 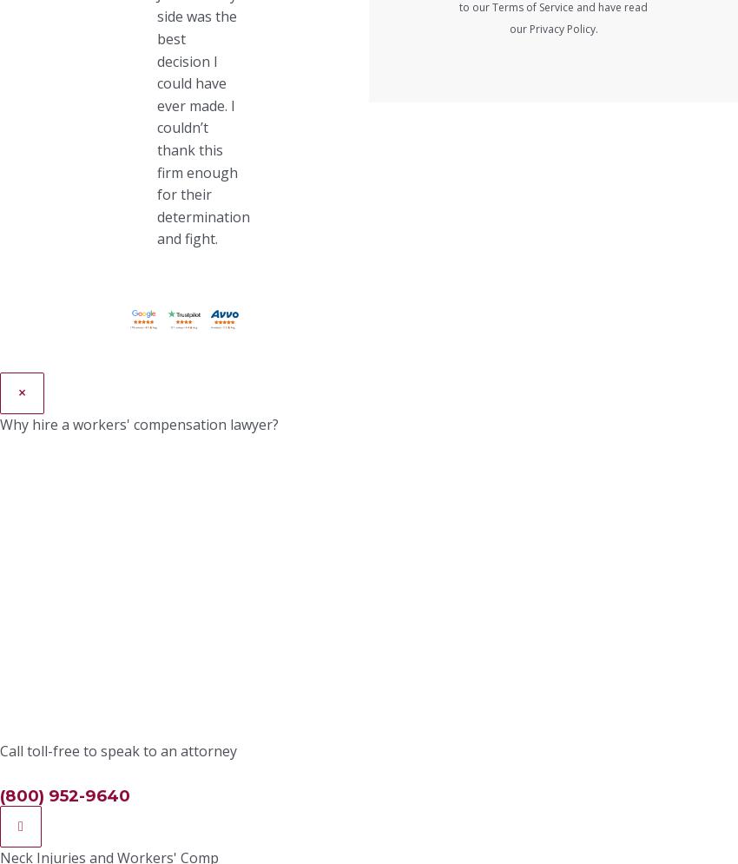 What do you see at coordinates (270, 271) in the screenshot?
I see `'Vocational rehabilitation (job training and counseling if you need to switch careers)'` at bounding box center [270, 271].